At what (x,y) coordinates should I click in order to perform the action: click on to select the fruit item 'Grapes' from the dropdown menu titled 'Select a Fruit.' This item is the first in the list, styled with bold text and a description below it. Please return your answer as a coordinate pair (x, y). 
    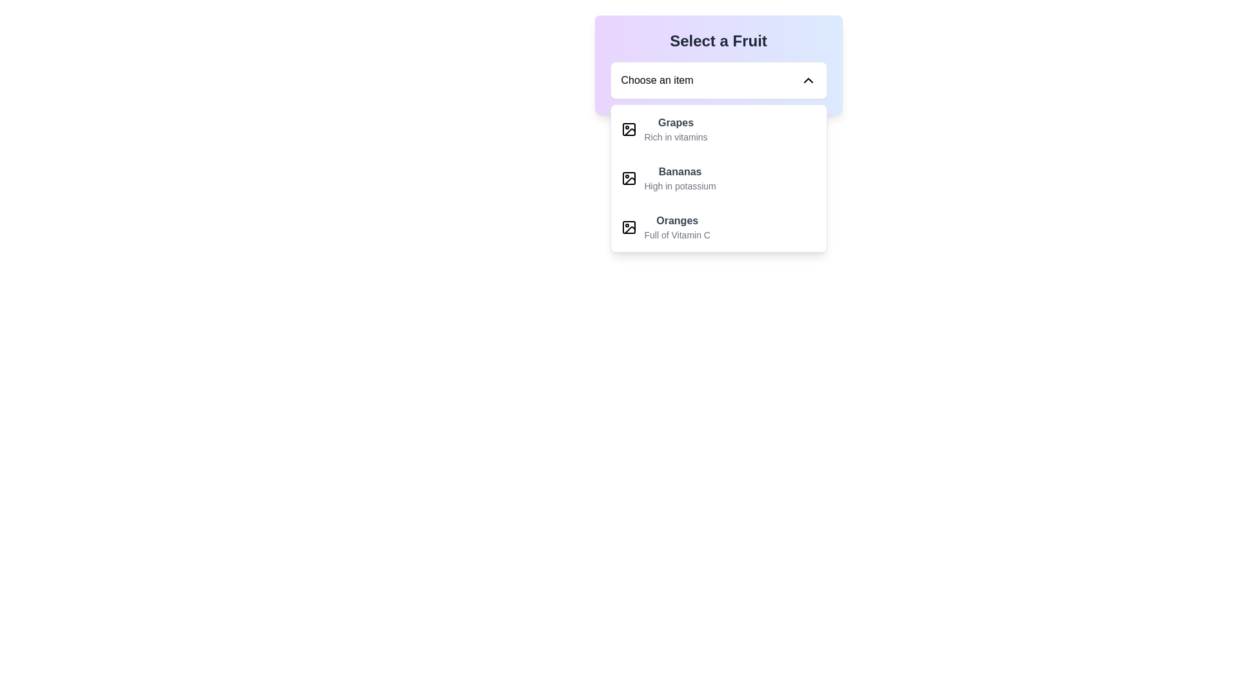
    Looking at the image, I should click on (675, 129).